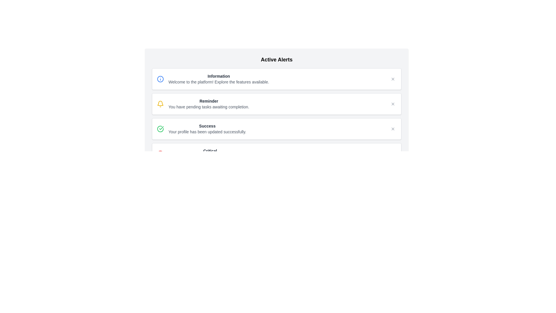 The image size is (556, 313). I want to click on the text label displaying 'Success' in the 'Active Alerts' section, located in the third card from the top, so click(207, 126).